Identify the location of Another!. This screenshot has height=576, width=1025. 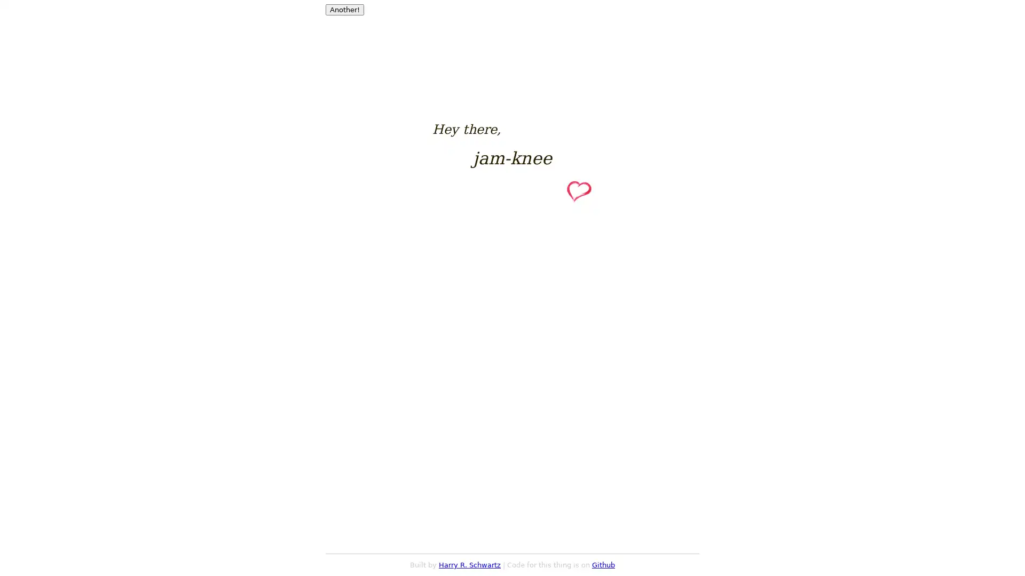
(345, 10).